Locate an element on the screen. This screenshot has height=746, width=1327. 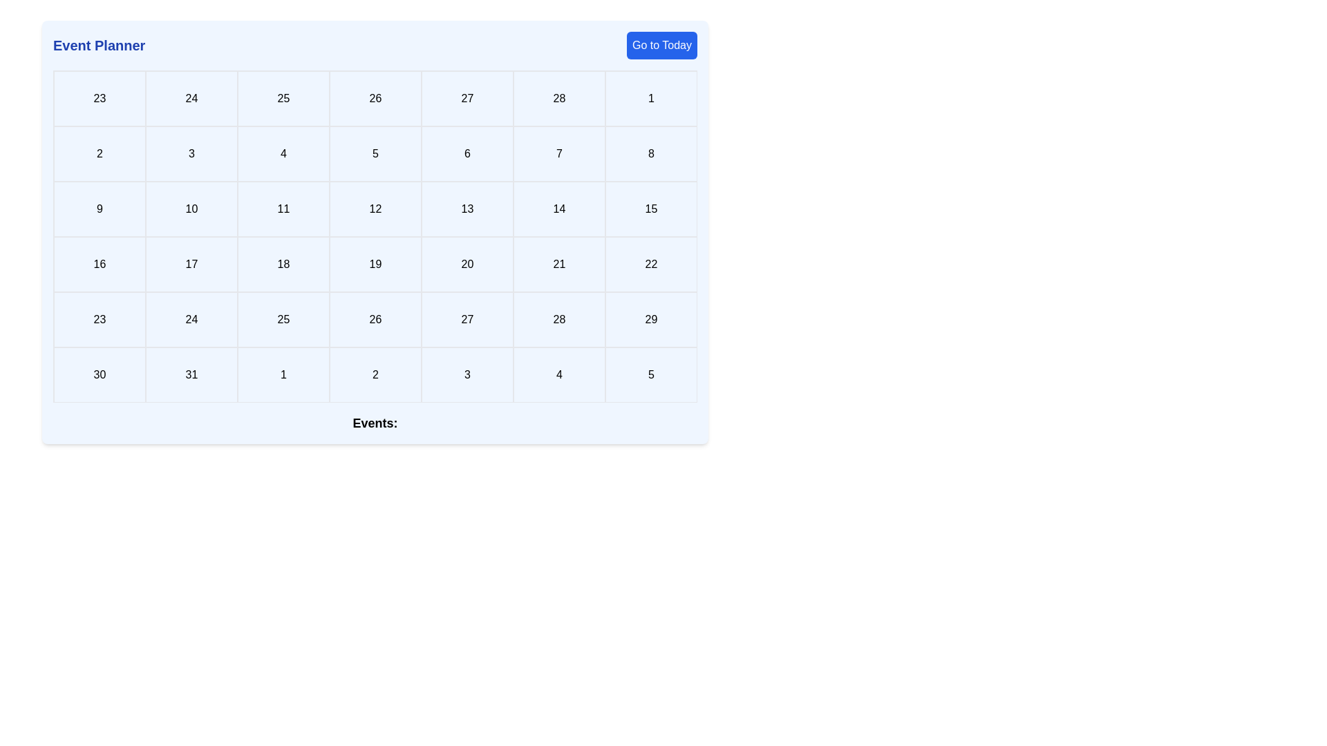
the Calendar day cell element displaying '14', which is located is located at coordinates (559, 209).